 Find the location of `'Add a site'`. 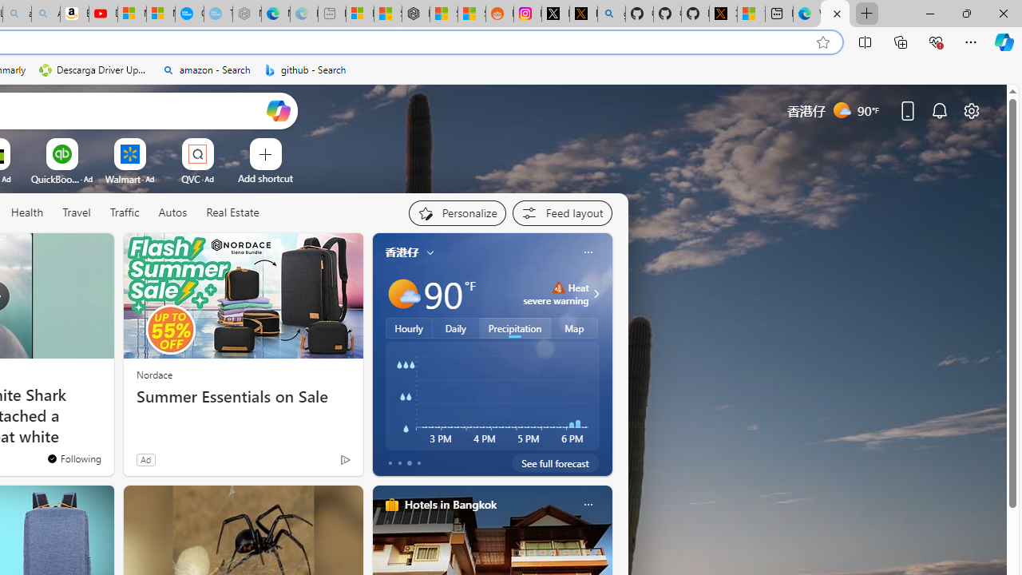

'Add a site' is located at coordinates (265, 178).